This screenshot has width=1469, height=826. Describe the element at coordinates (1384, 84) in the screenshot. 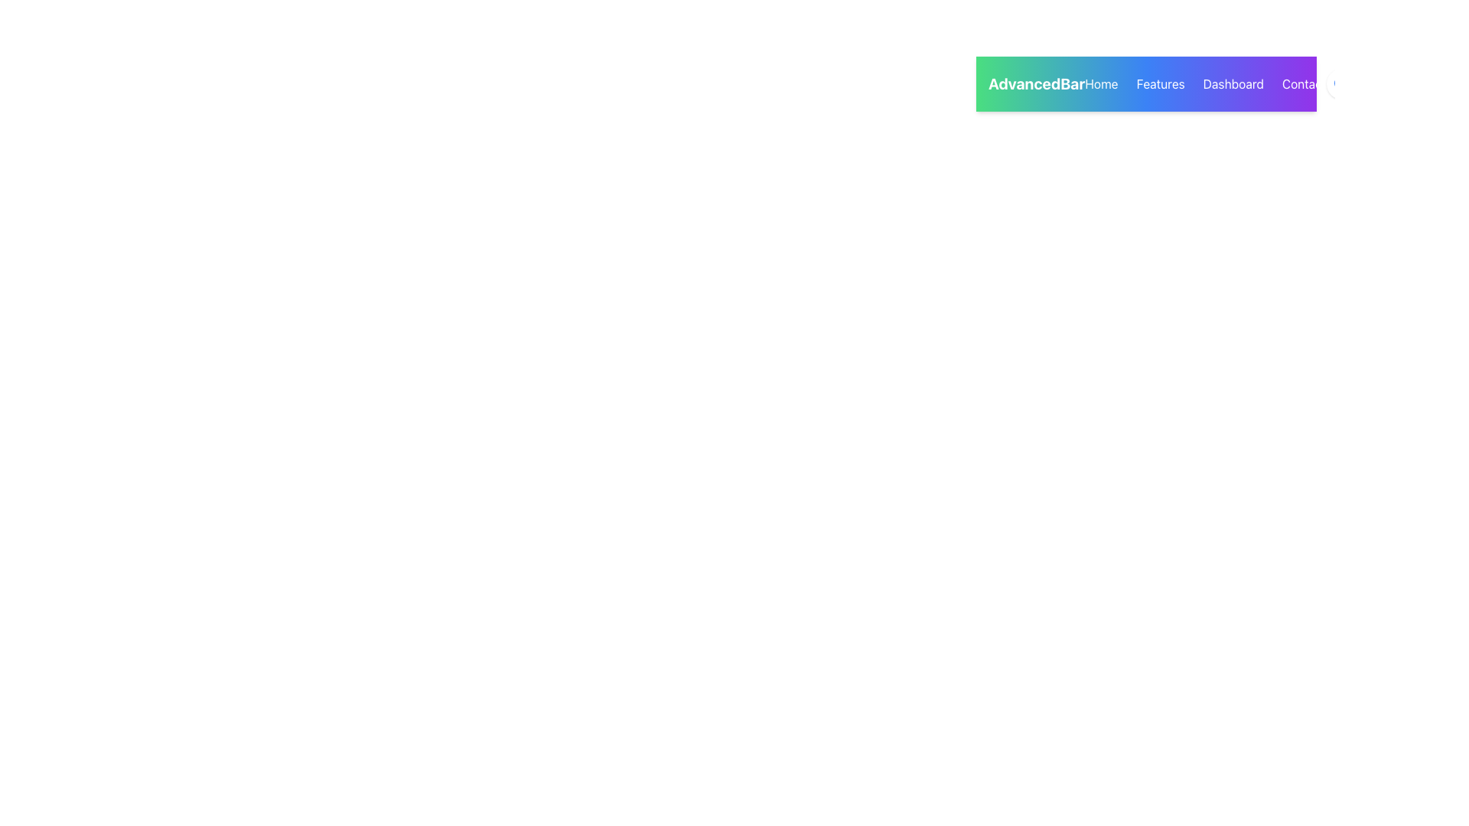

I see `the middle circular button on the rightmost side of the horizontal navigation bar` at that location.